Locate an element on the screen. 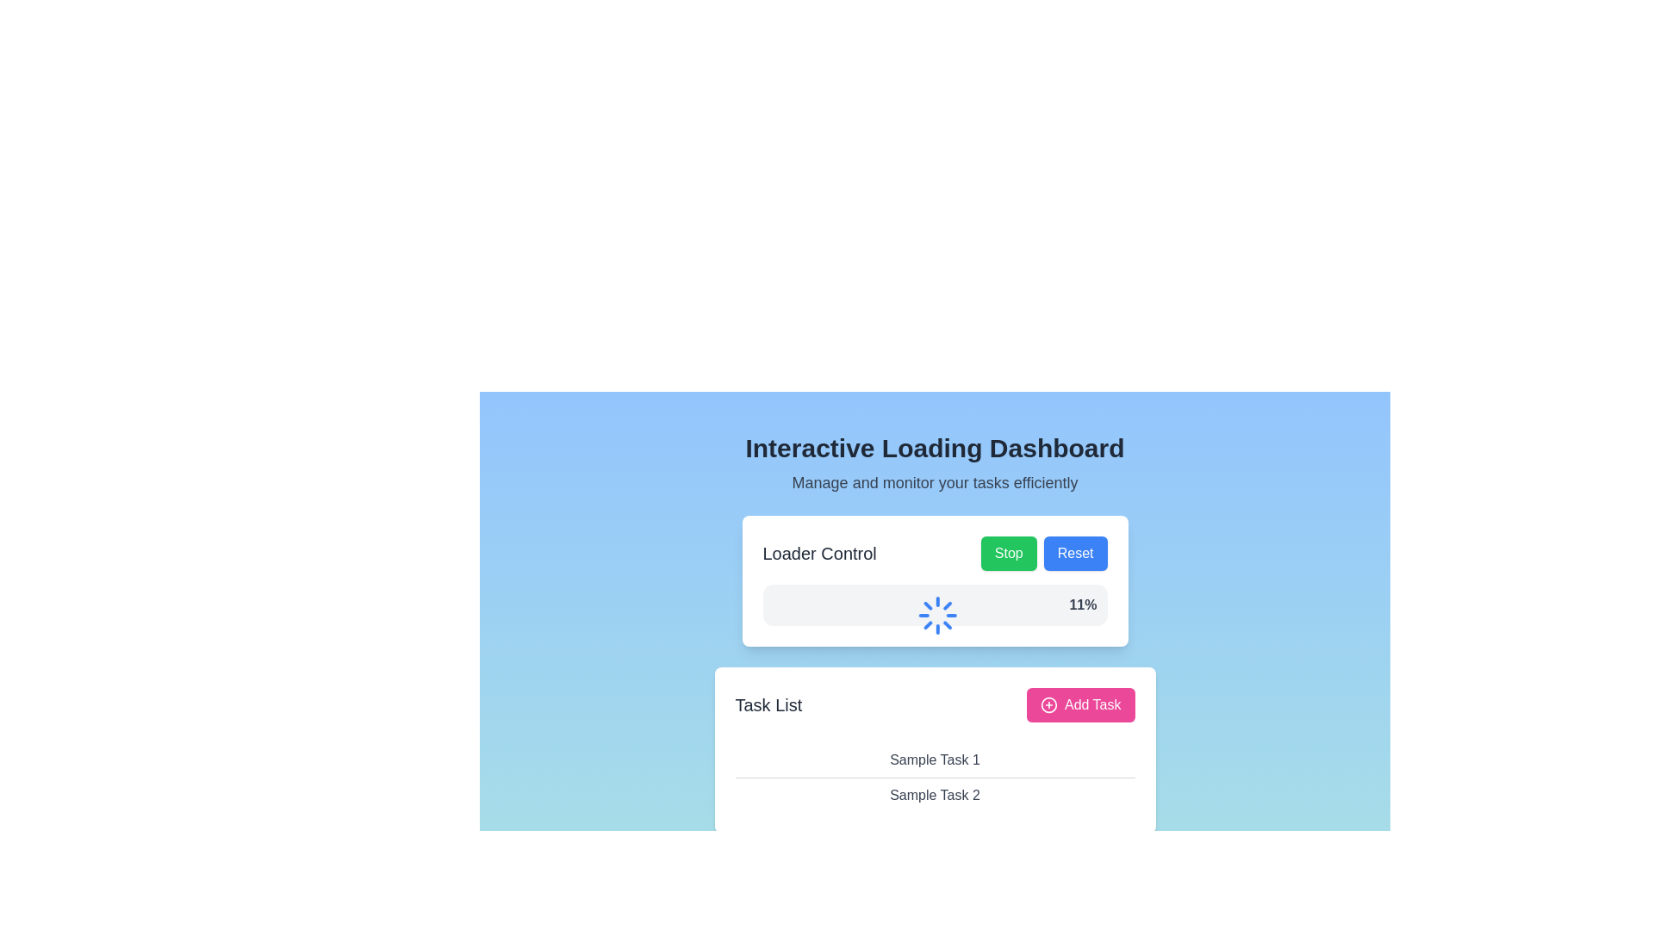  the Reset button on the control bar located at the top section of the white card-like panel in the center of the interface is located at coordinates (934, 554).